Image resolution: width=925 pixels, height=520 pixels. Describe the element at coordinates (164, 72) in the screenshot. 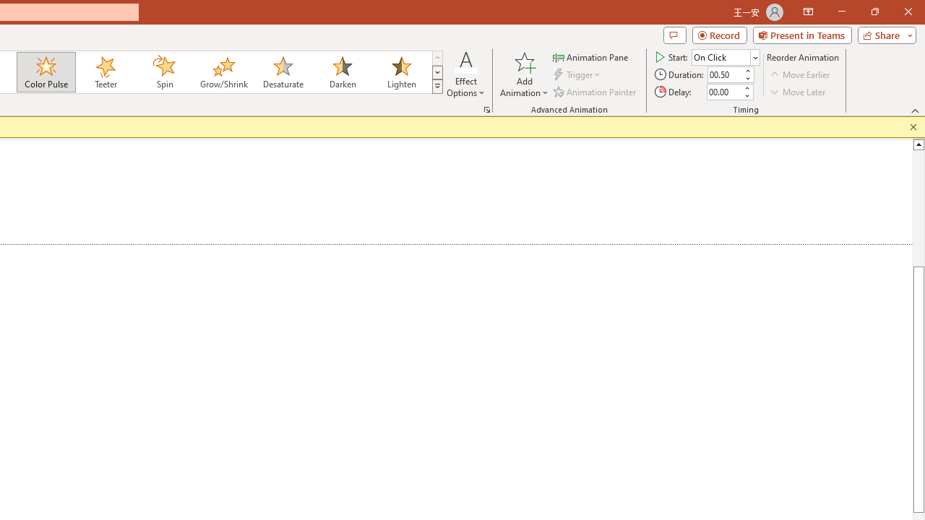

I see `'Spin'` at that location.